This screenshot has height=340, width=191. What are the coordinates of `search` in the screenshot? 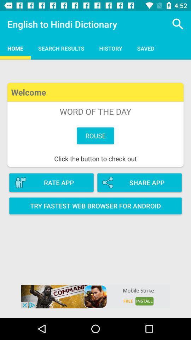 It's located at (178, 24).